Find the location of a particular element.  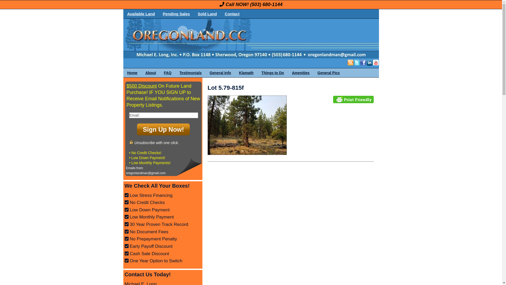

'Things to Do' is located at coordinates (273, 73).